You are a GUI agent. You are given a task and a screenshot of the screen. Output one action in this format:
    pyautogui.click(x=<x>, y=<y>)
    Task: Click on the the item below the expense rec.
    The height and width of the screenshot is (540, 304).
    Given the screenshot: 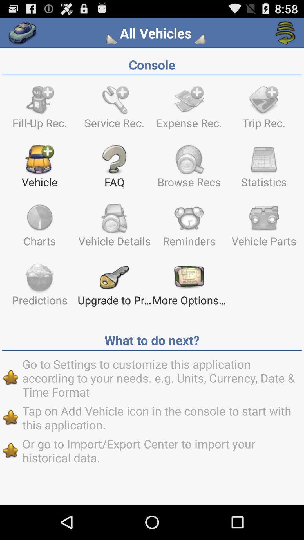 What is the action you would take?
    pyautogui.click(x=264, y=169)
    